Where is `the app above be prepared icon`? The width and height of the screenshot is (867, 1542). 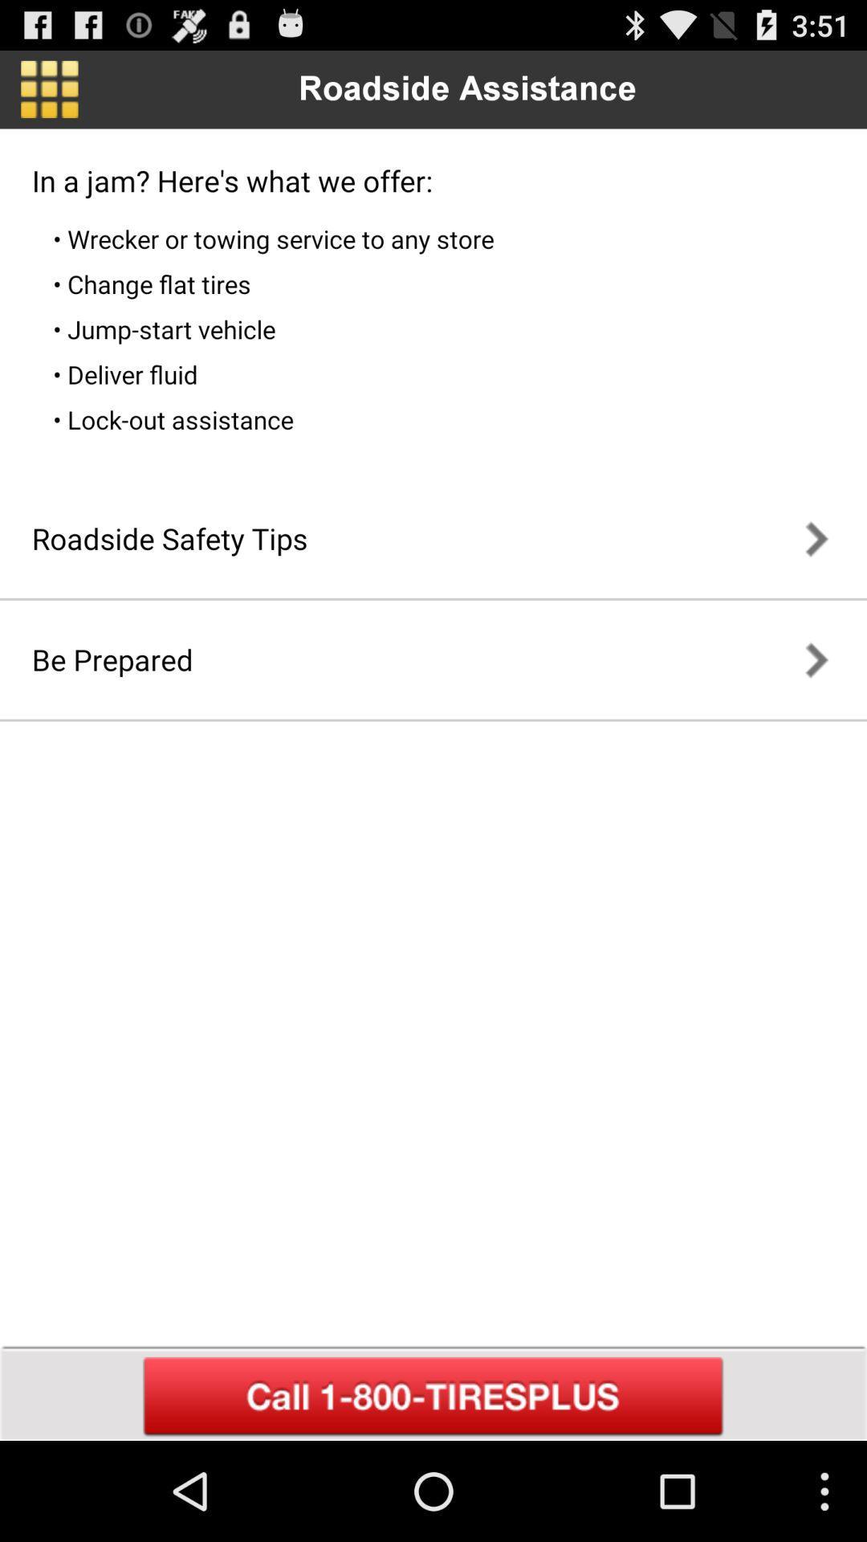
the app above be prepared icon is located at coordinates (169, 538).